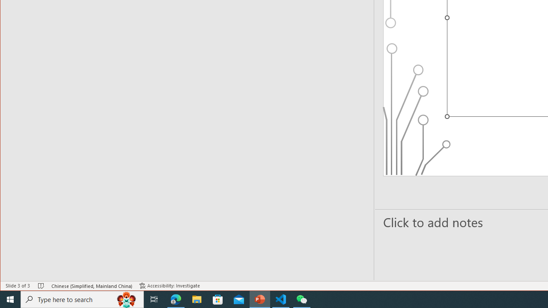  Describe the element at coordinates (197, 299) in the screenshot. I see `'File Explorer'` at that location.